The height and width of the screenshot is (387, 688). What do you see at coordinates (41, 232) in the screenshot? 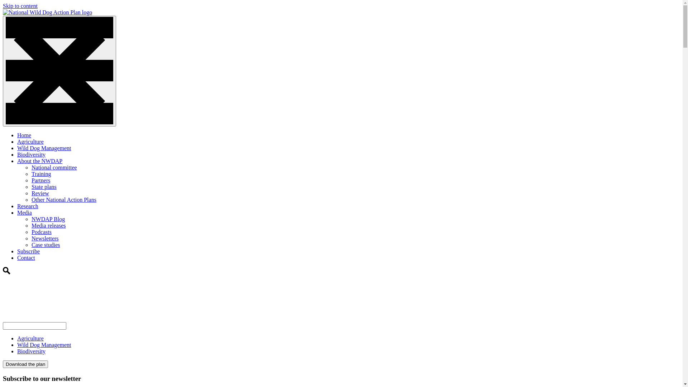
I see `'Podcasts'` at bounding box center [41, 232].